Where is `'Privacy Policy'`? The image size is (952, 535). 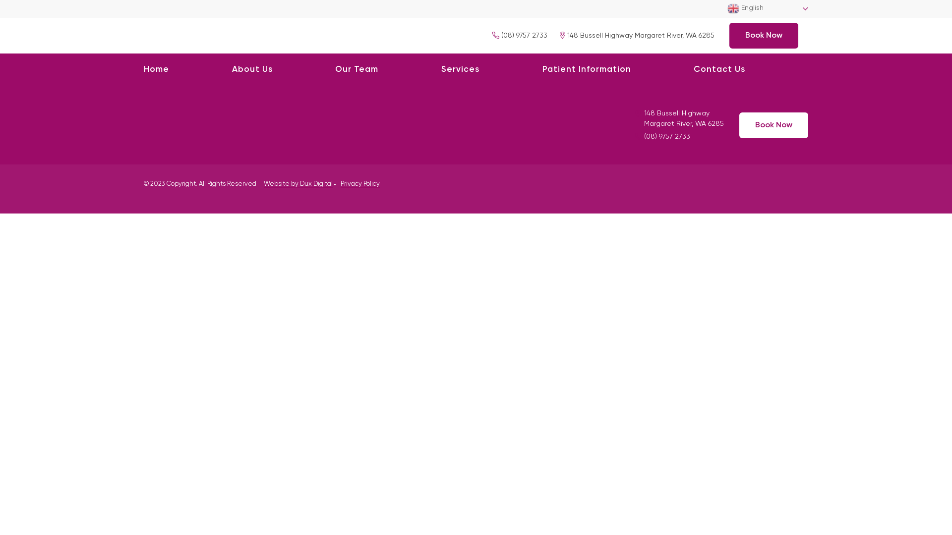 'Privacy Policy' is located at coordinates (359, 184).